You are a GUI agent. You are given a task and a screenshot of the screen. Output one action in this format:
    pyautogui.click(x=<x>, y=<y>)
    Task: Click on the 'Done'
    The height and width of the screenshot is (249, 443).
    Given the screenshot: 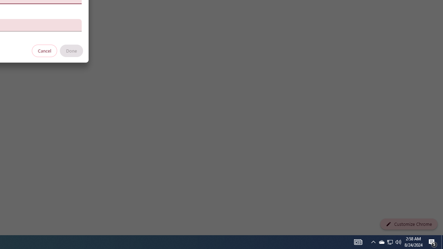 What is the action you would take?
    pyautogui.click(x=71, y=50)
    